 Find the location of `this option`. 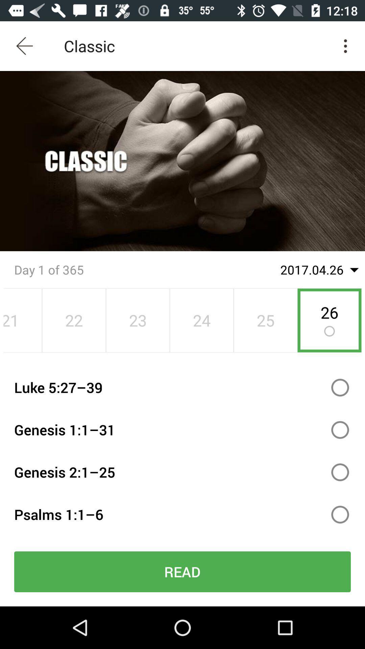

this option is located at coordinates (340, 387).